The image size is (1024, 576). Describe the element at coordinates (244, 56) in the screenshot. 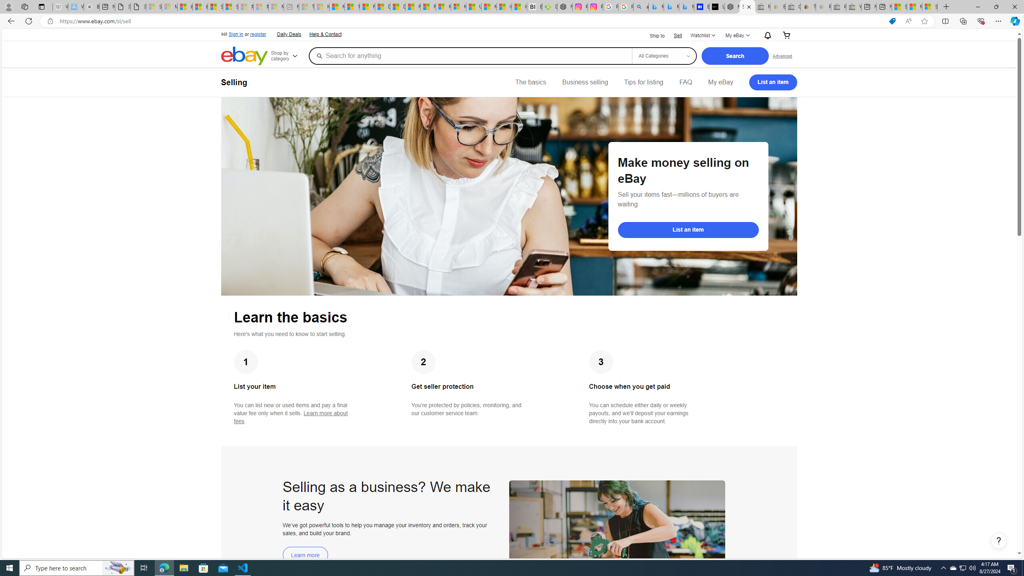

I see `'eBay Home'` at that location.